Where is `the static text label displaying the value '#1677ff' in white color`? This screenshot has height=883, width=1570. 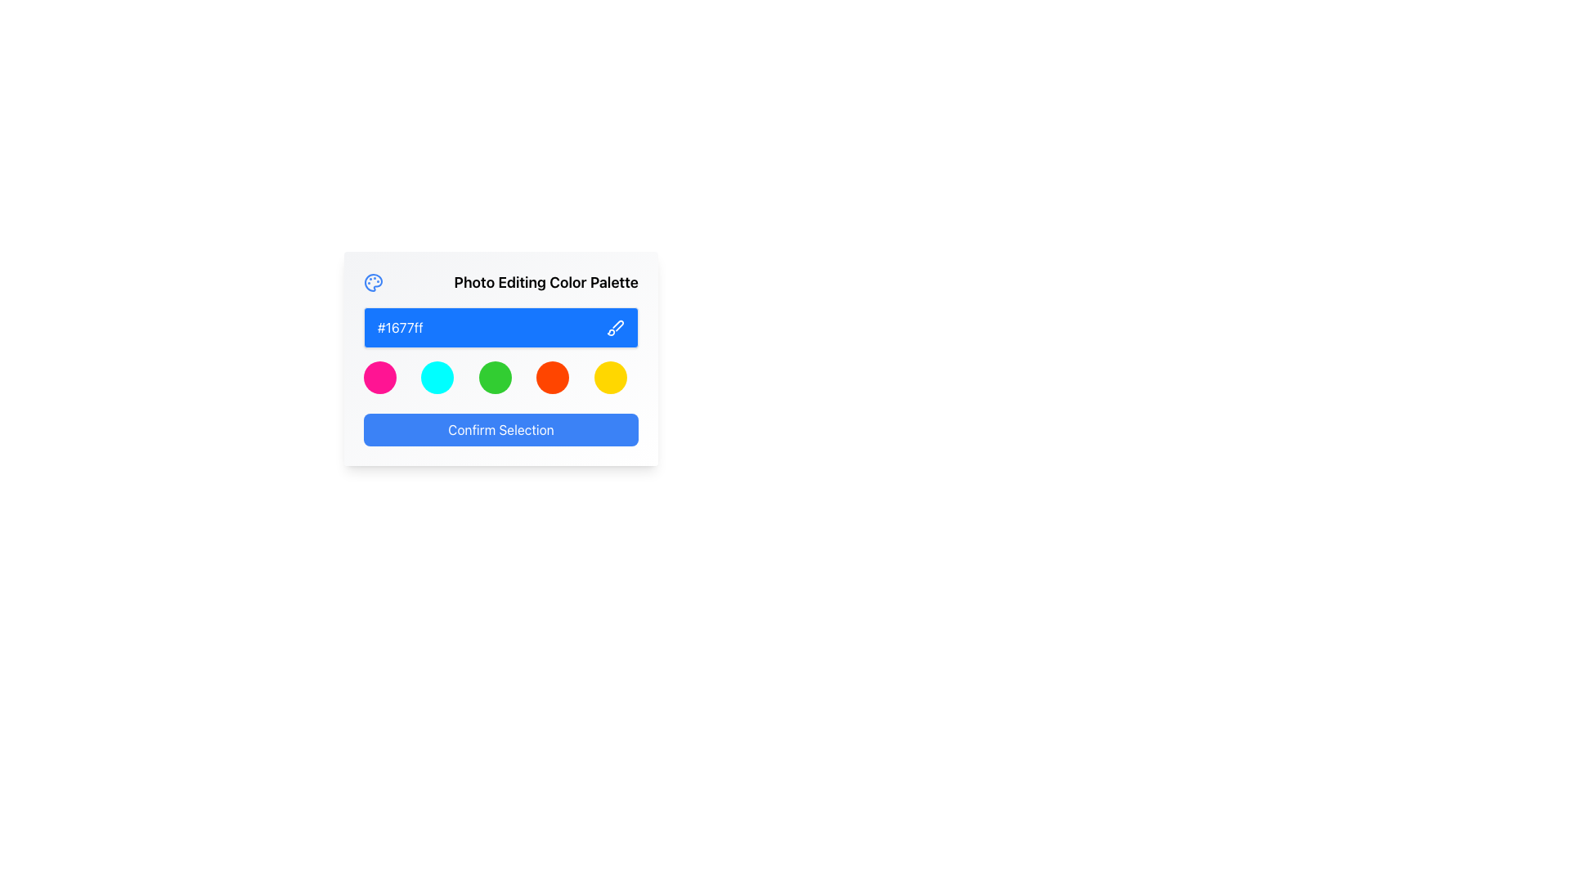 the static text label displaying the value '#1677ff' in white color is located at coordinates (400, 328).